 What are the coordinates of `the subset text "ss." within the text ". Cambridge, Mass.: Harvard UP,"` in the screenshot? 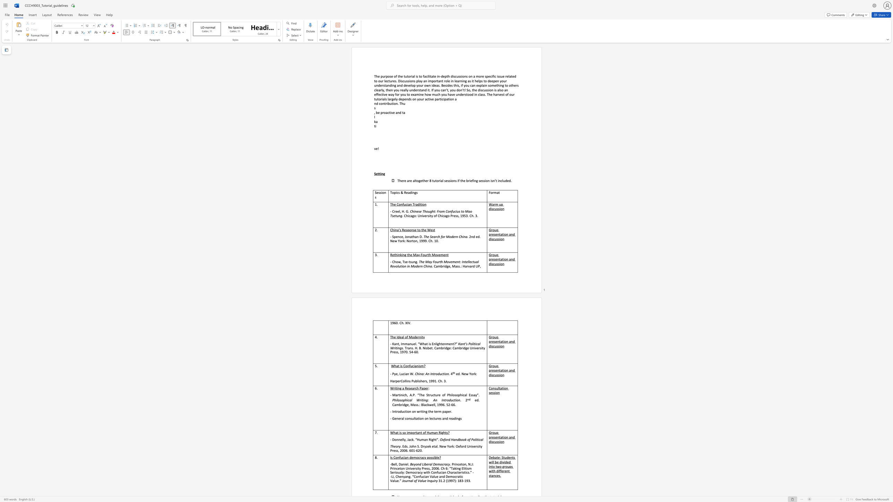 It's located at (457, 266).